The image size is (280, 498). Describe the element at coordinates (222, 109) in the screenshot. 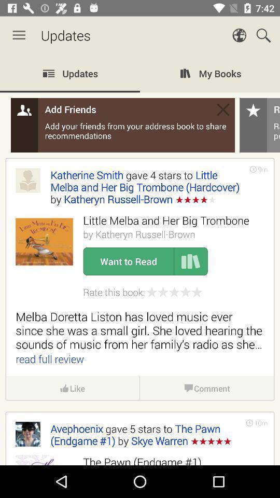

I see `add friends box` at that location.